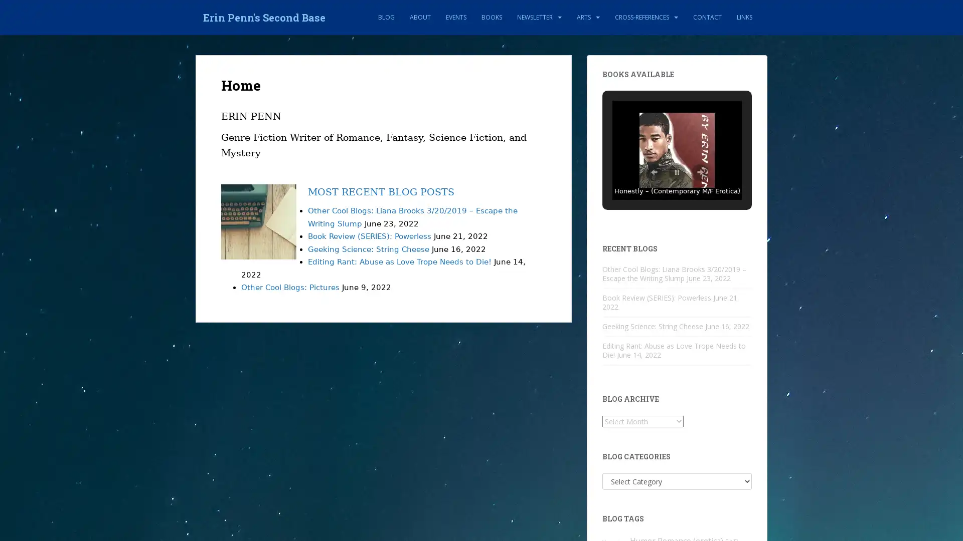 The image size is (963, 541). I want to click on Next Slide, so click(700, 171).